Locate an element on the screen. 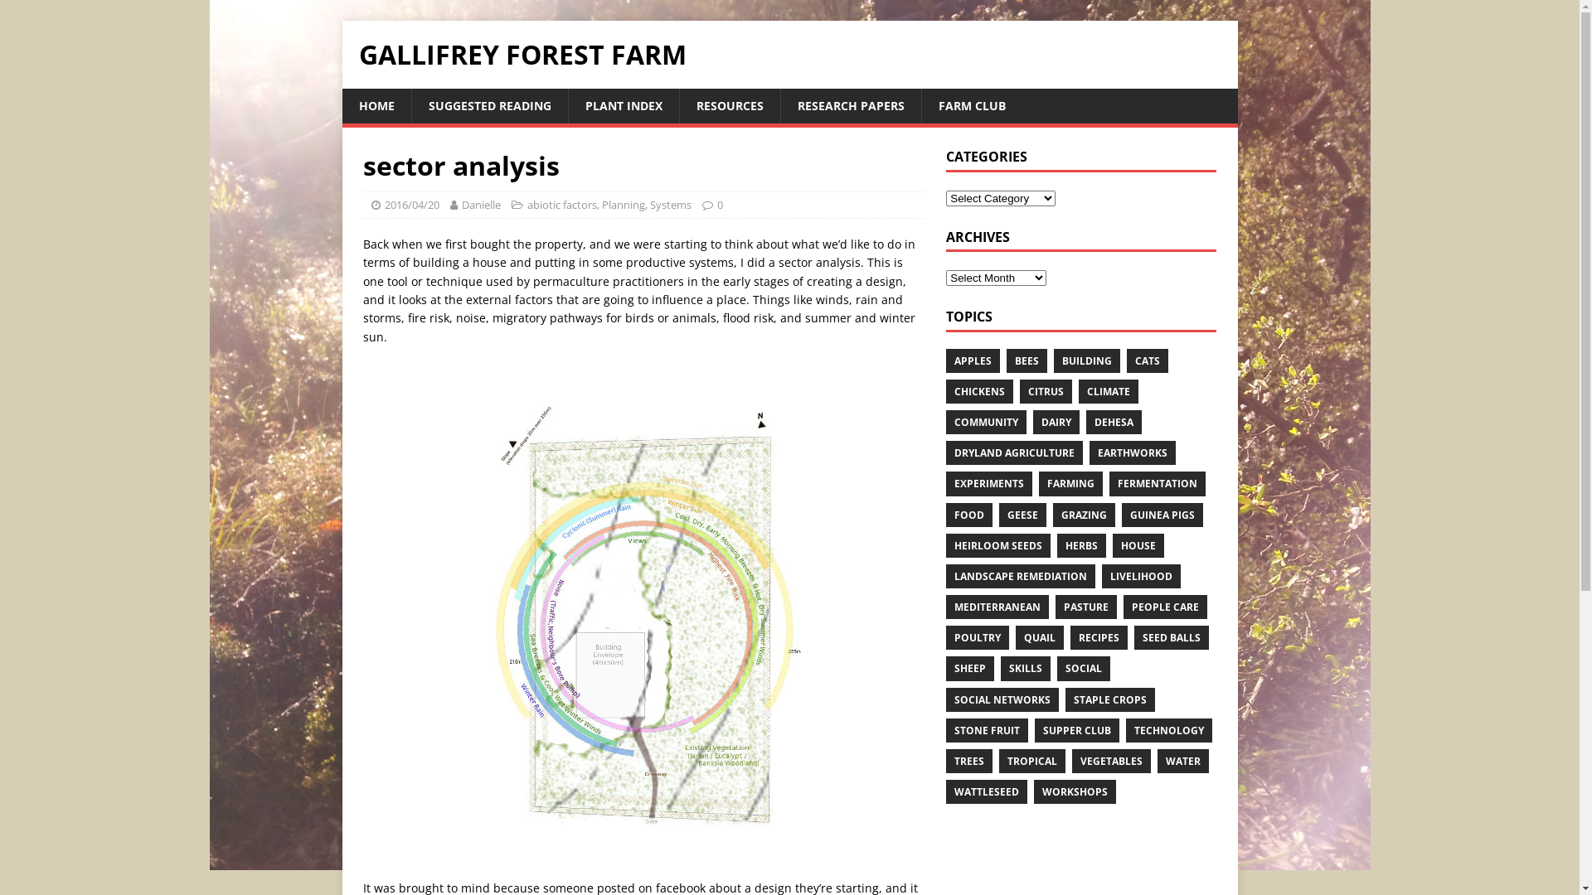 Image resolution: width=1592 pixels, height=895 pixels. 'RECIPES' is located at coordinates (1099, 636).